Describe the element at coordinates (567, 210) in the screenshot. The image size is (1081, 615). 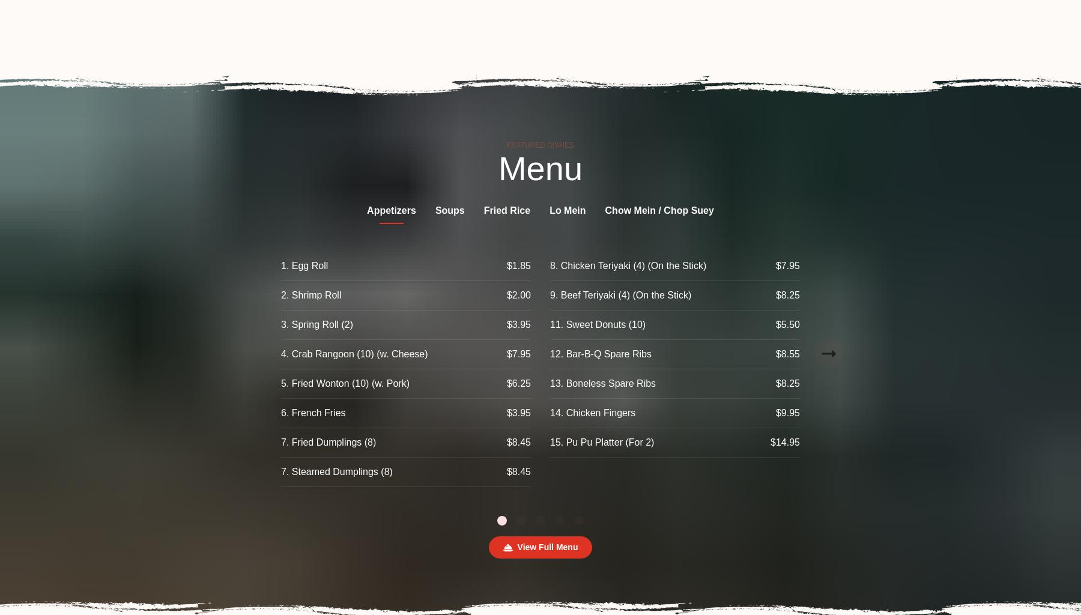
I see `'Lo Mein'` at that location.